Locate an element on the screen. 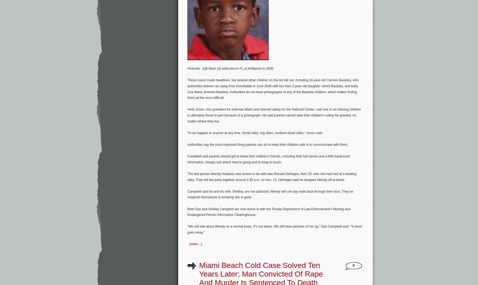  '(more…)' is located at coordinates (195, 244).